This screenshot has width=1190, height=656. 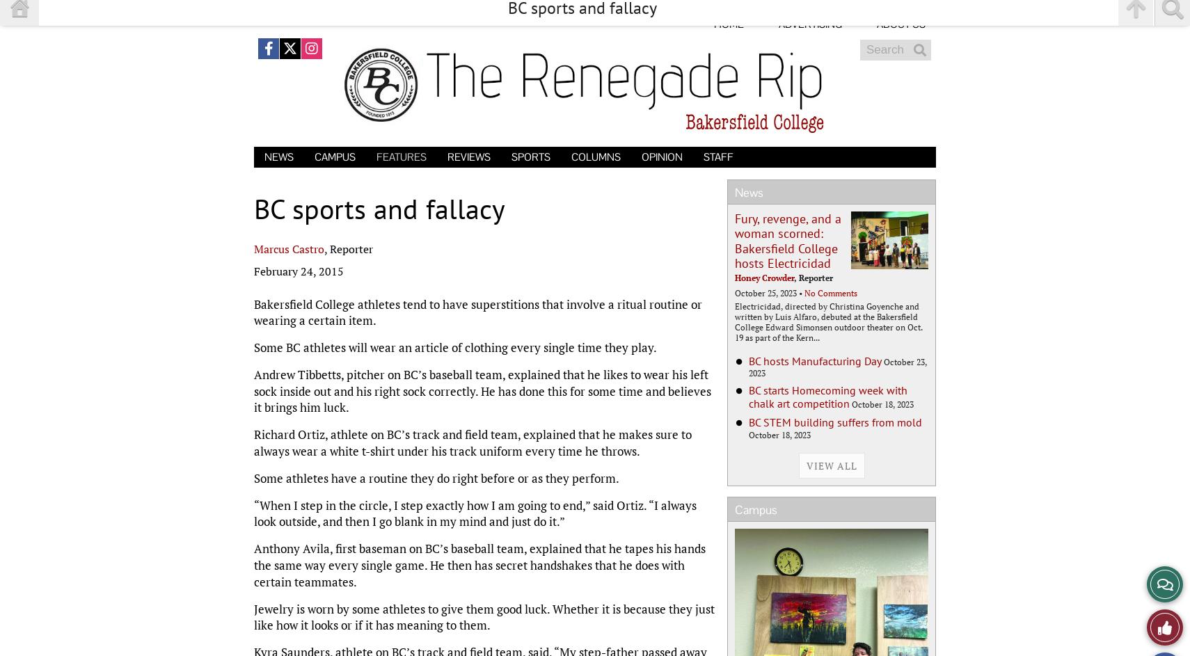 What do you see at coordinates (351, 248) in the screenshot?
I see `'Reporter'` at bounding box center [351, 248].